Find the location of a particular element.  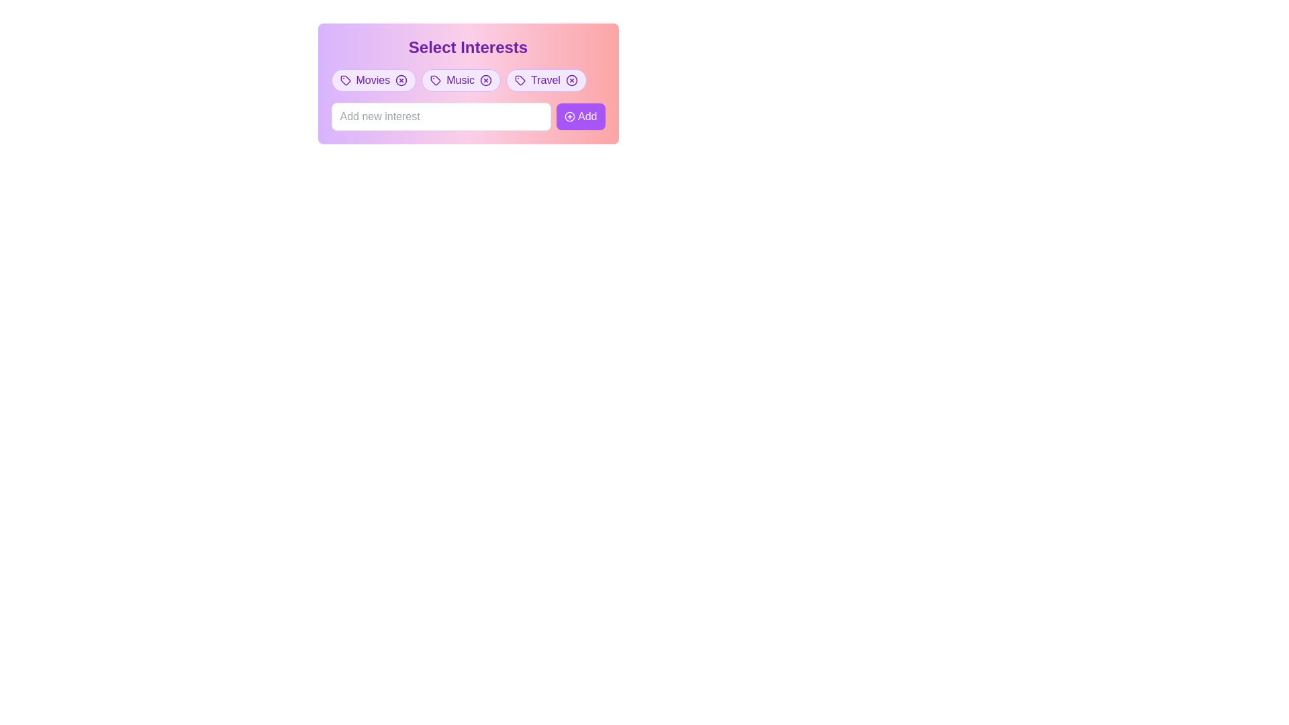

the inline decorative icon that is part of the pill-shaped tag labeled 'Music' located under the heading 'Select Interests' is located at coordinates (436, 80).